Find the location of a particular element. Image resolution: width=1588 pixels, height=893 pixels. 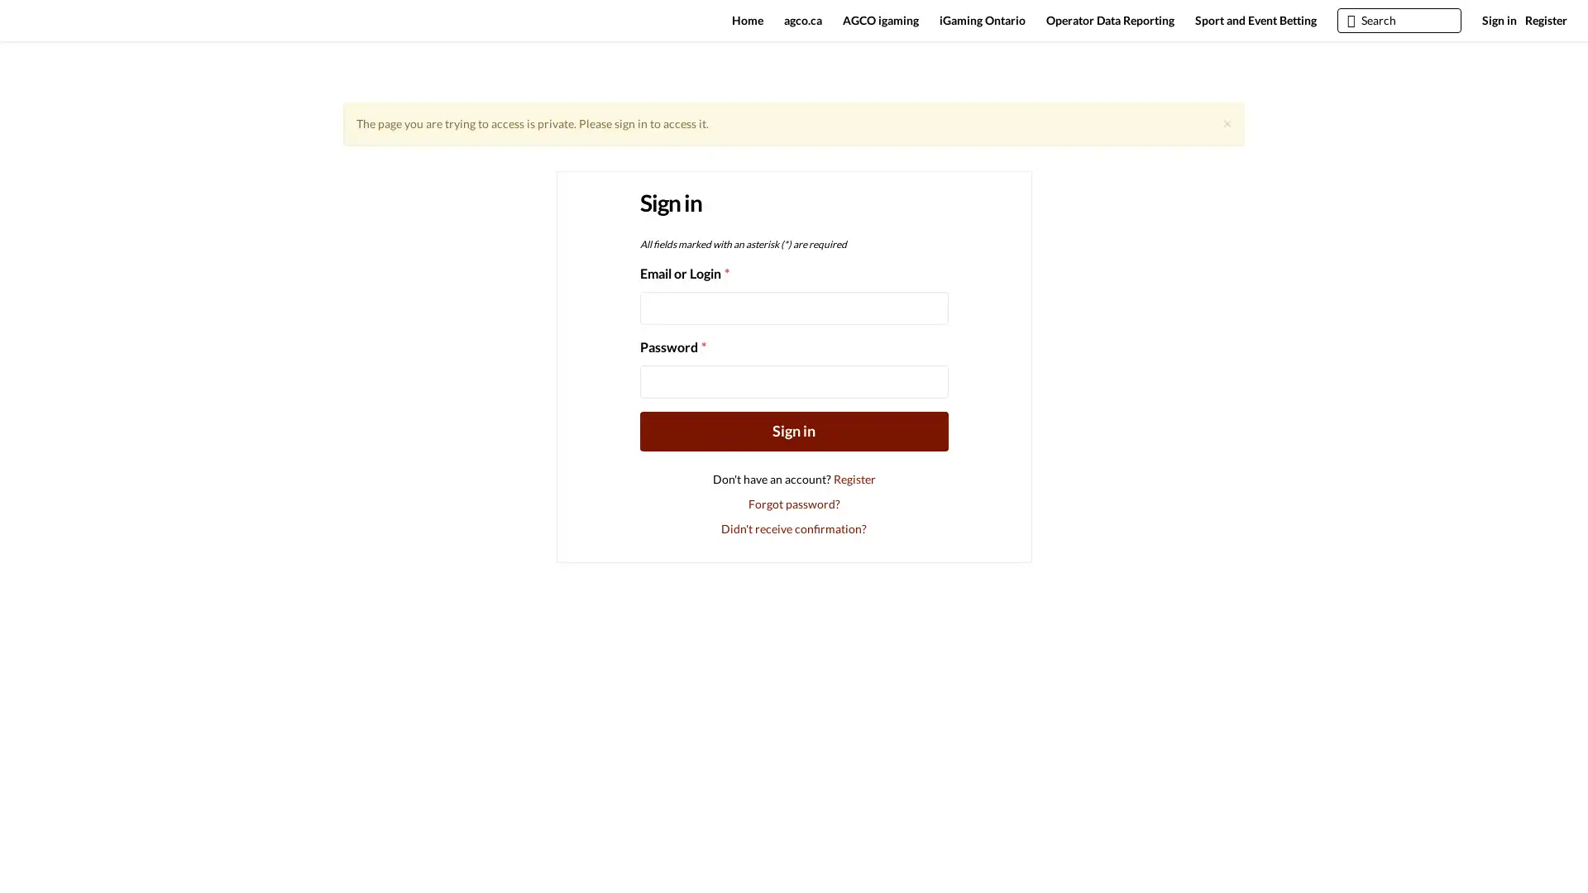

Sign in is located at coordinates (792, 438).